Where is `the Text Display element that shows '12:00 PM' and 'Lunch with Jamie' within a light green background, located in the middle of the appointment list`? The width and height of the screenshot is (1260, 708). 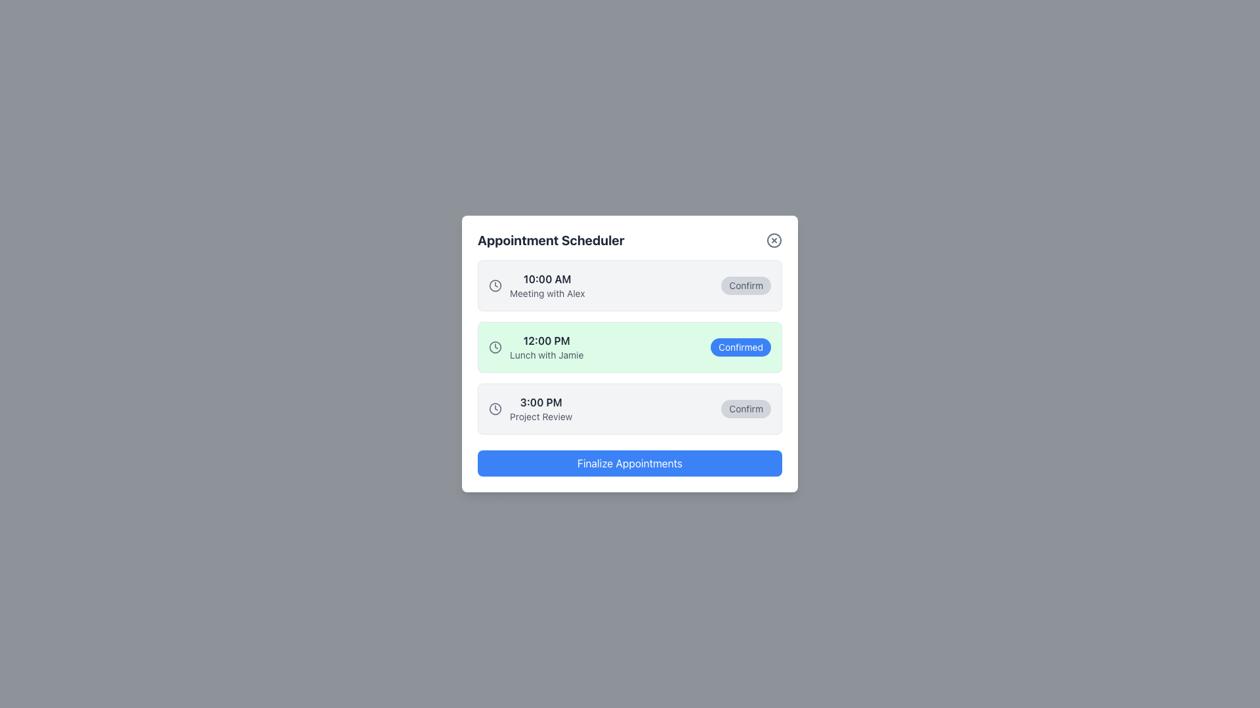 the Text Display element that shows '12:00 PM' and 'Lunch with Jamie' within a light green background, located in the middle of the appointment list is located at coordinates (547, 346).